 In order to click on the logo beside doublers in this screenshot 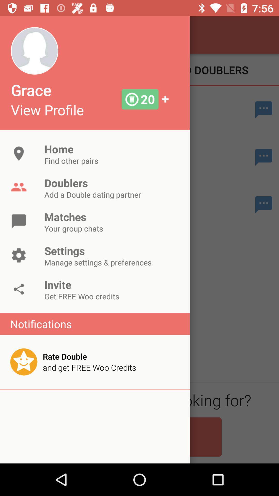, I will do `click(19, 187)`.